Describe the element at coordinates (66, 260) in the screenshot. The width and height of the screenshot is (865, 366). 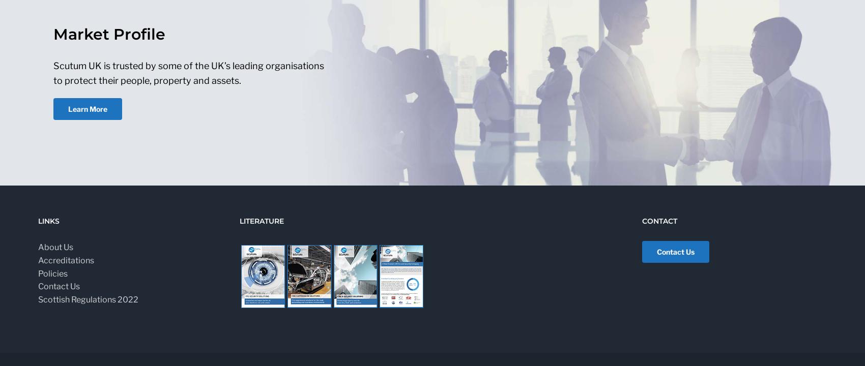
I see `'Accreditations'` at that location.